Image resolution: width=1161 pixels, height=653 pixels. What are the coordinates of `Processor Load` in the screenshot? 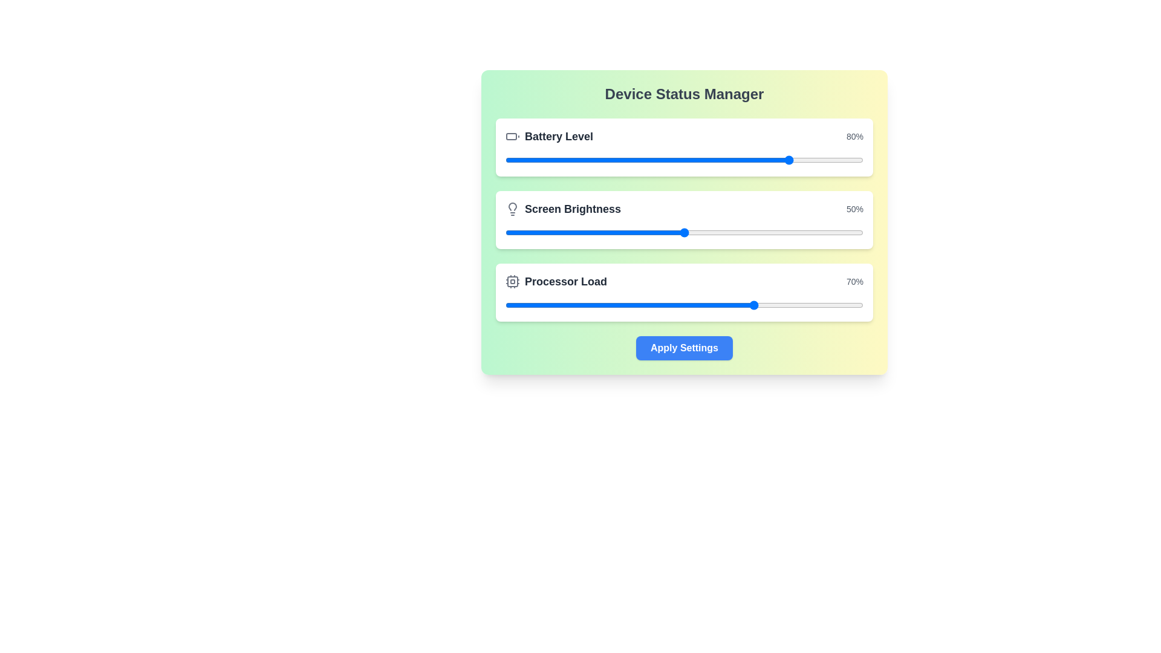 It's located at (691, 305).